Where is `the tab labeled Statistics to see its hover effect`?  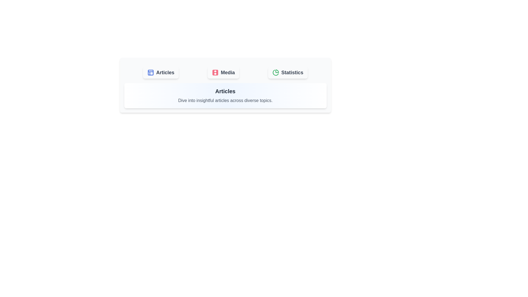
the tab labeled Statistics to see its hover effect is located at coordinates (287, 72).